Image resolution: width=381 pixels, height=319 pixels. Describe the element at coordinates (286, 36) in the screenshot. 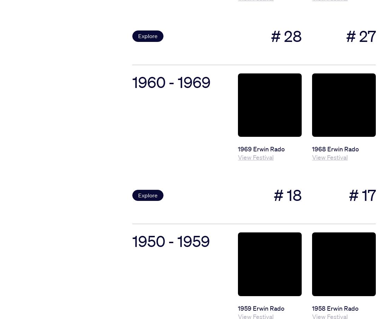

I see `'# 28'` at that location.